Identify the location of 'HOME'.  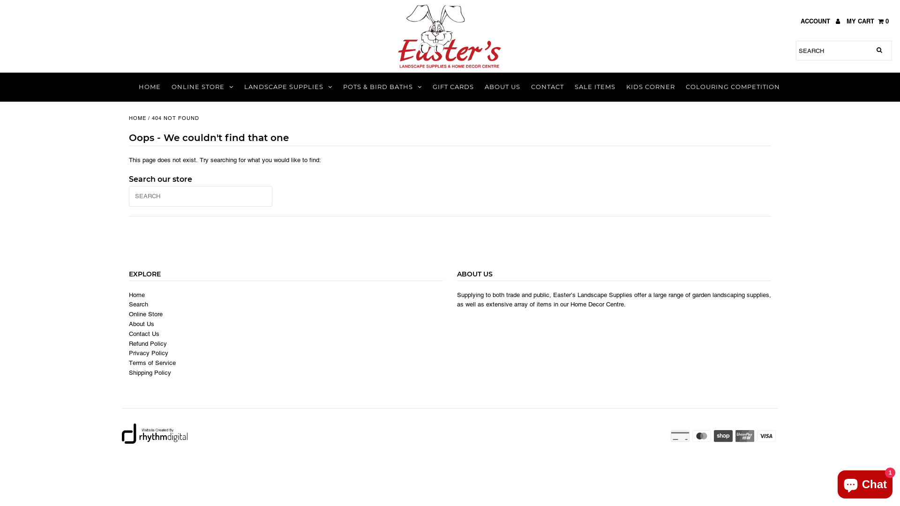
(137, 118).